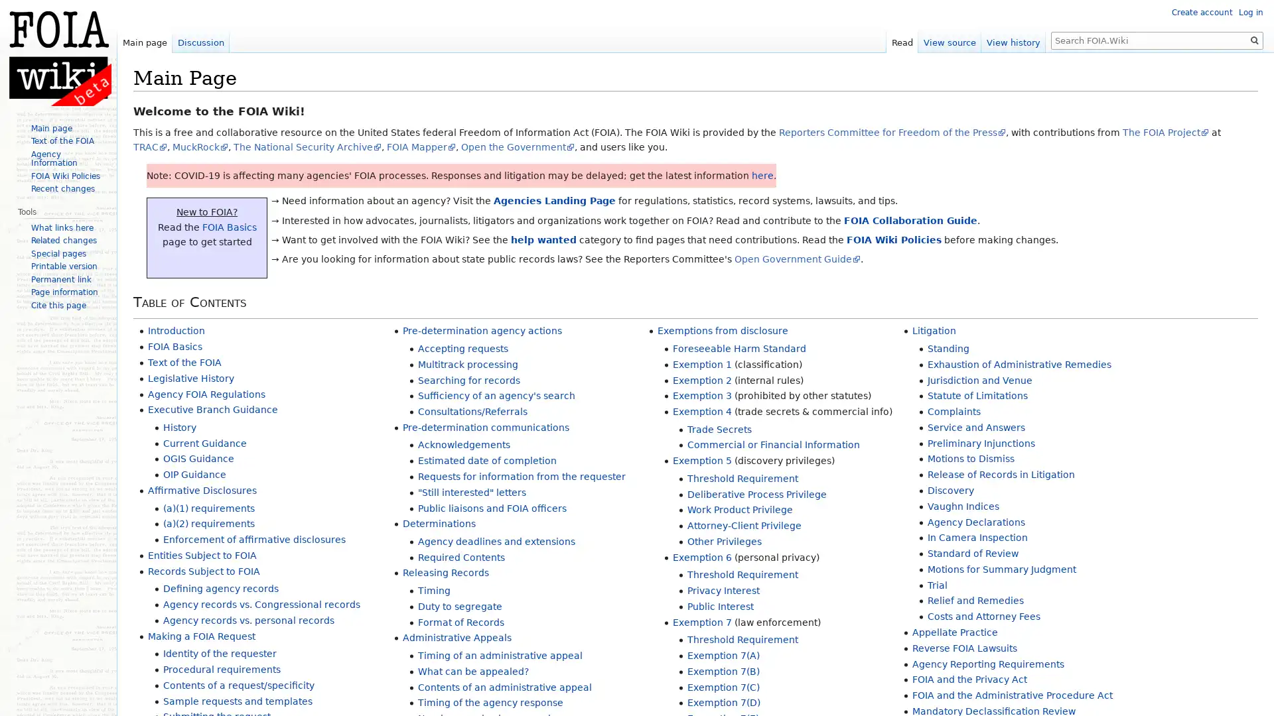  I want to click on Go, so click(1254, 40).